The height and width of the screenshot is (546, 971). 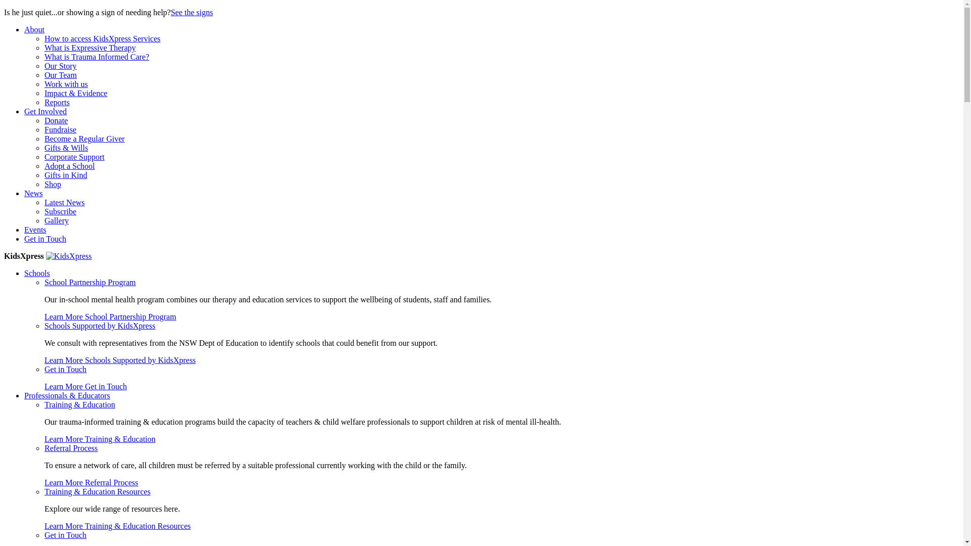 What do you see at coordinates (43, 48) in the screenshot?
I see `'What is Expressive Therapy'` at bounding box center [43, 48].